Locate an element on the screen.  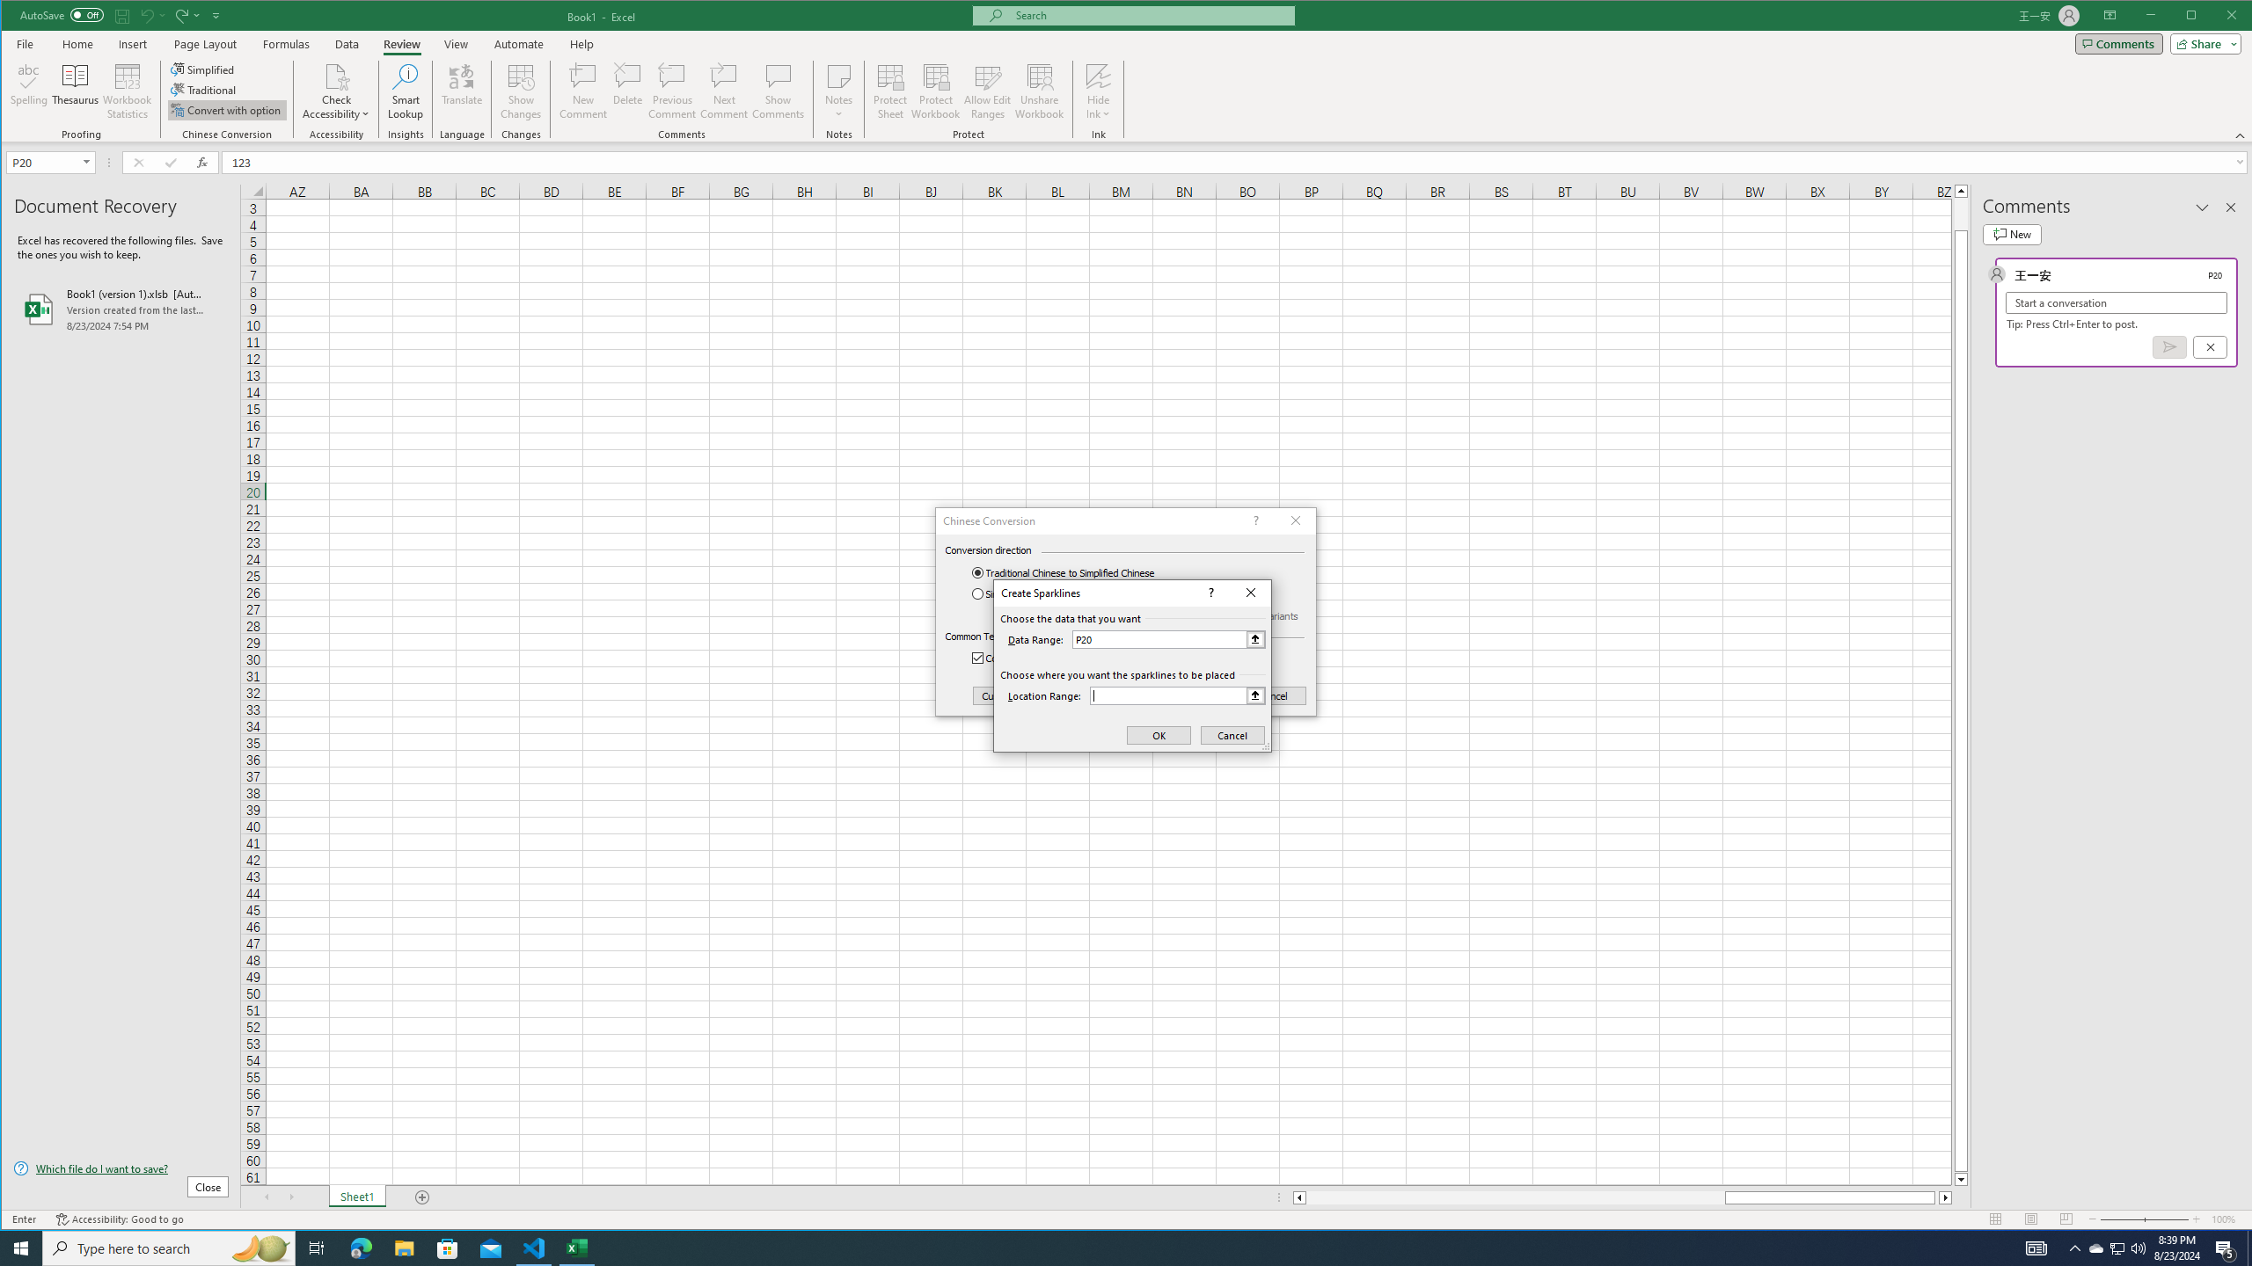
'Allow Edit Ranges' is located at coordinates (986, 91).